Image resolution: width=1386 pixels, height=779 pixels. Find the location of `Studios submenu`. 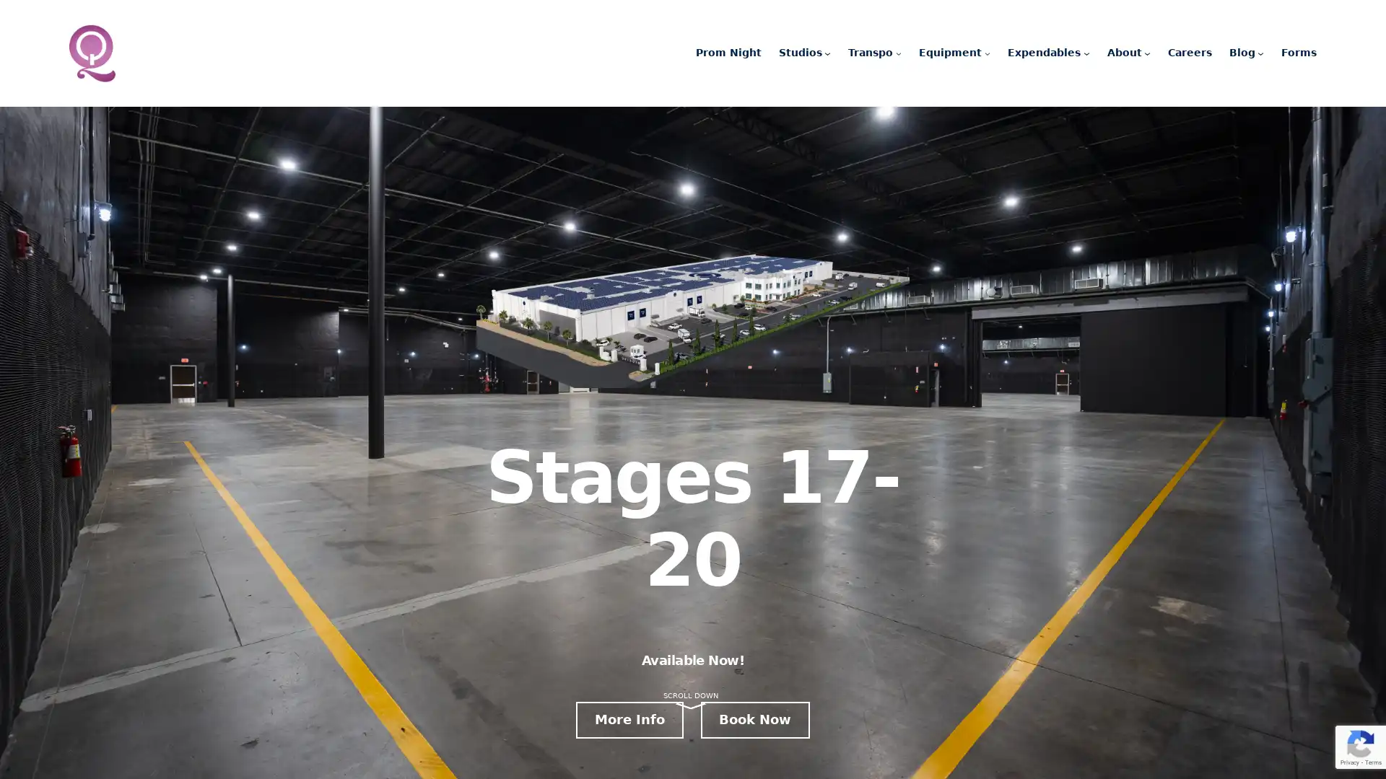

Studios submenu is located at coordinates (827, 52).